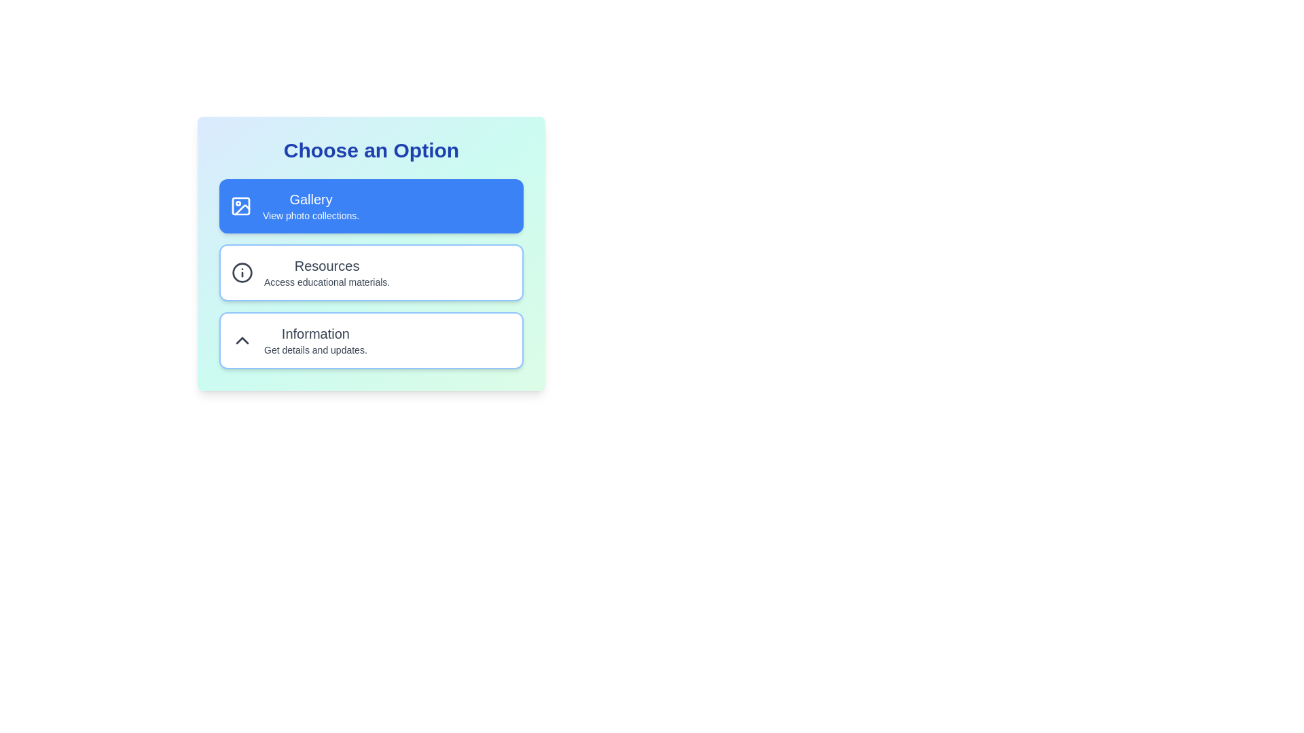  Describe the element at coordinates (372, 272) in the screenshot. I see `the 'Resources' Card Button, which is the second card in a vertically stacked grid of three cards` at that location.